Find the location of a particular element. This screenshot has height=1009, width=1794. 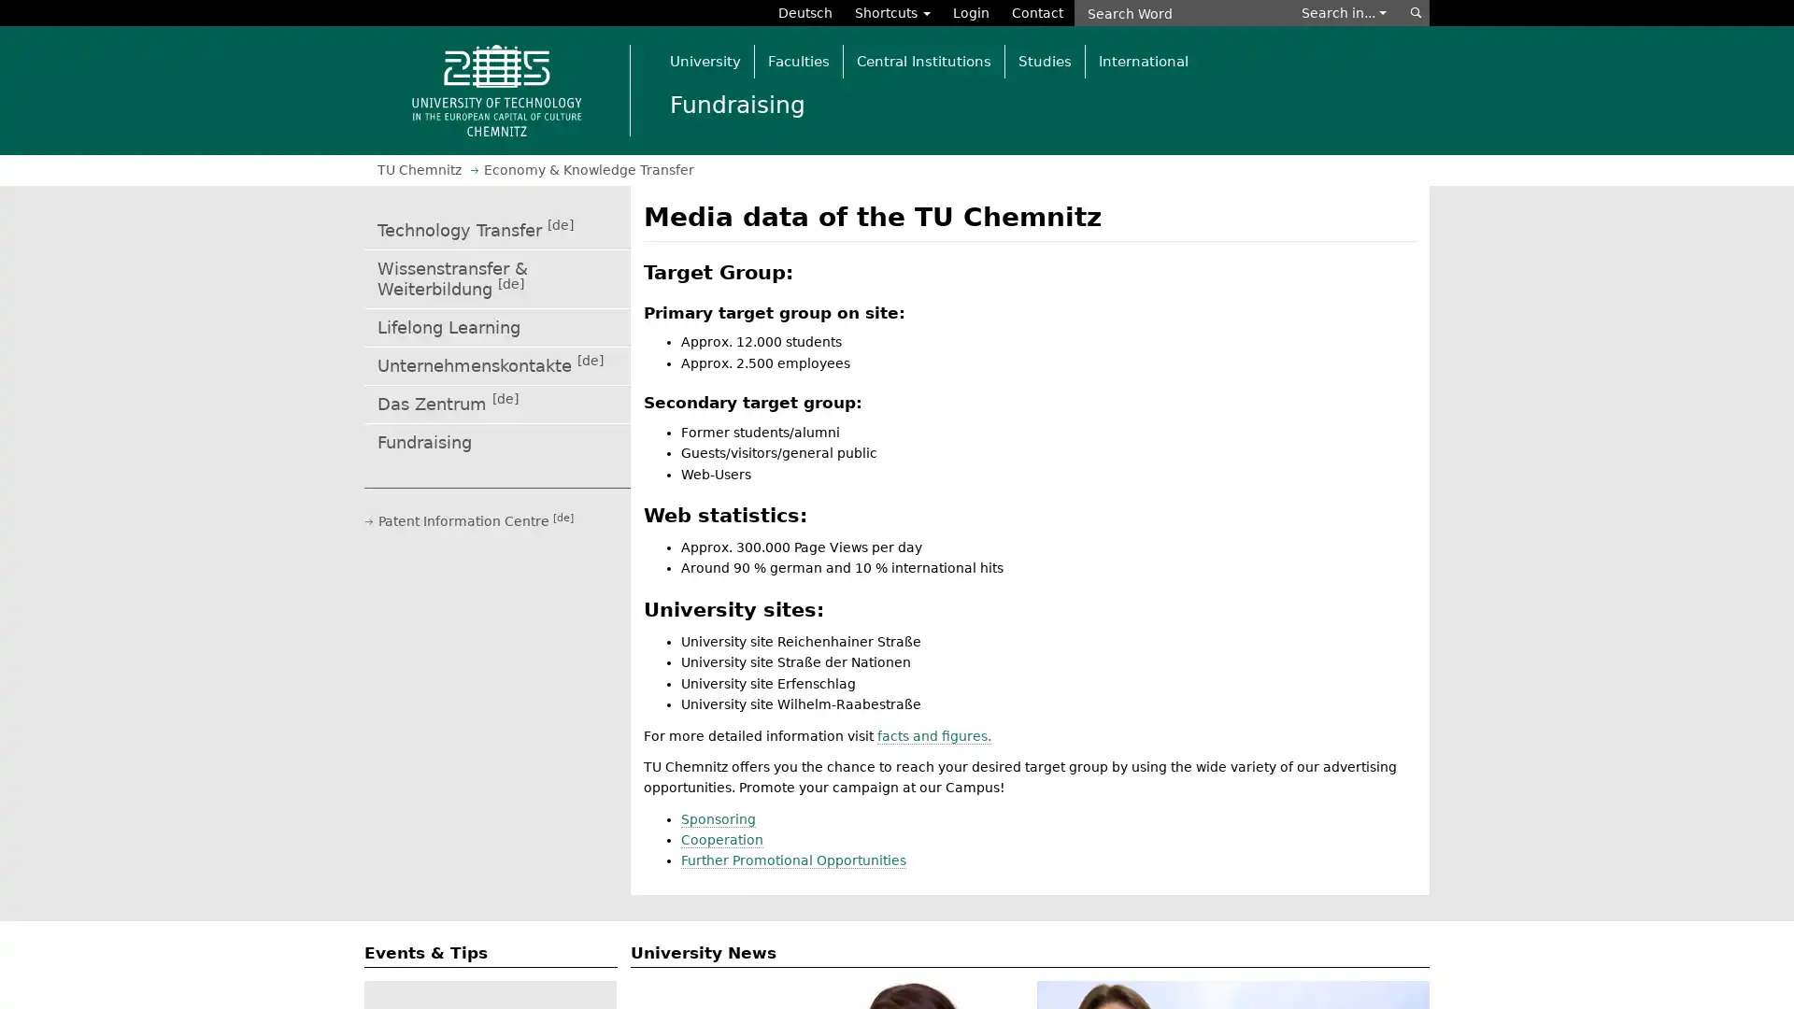

Faculties is located at coordinates (798, 60).